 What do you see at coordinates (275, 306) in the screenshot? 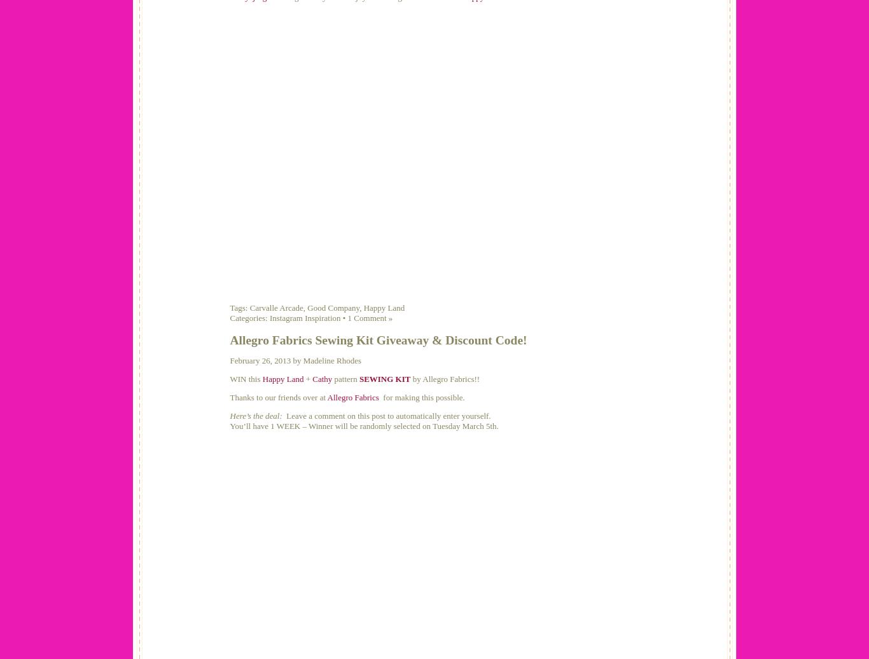
I see `'Carvalle Arcade'` at bounding box center [275, 306].